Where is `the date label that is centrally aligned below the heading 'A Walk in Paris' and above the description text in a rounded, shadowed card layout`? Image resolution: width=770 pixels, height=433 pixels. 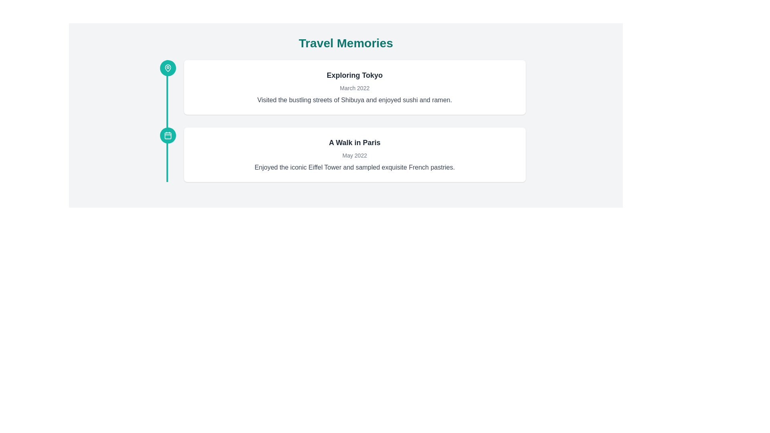
the date label that is centrally aligned below the heading 'A Walk in Paris' and above the description text in a rounded, shadowed card layout is located at coordinates (354, 156).